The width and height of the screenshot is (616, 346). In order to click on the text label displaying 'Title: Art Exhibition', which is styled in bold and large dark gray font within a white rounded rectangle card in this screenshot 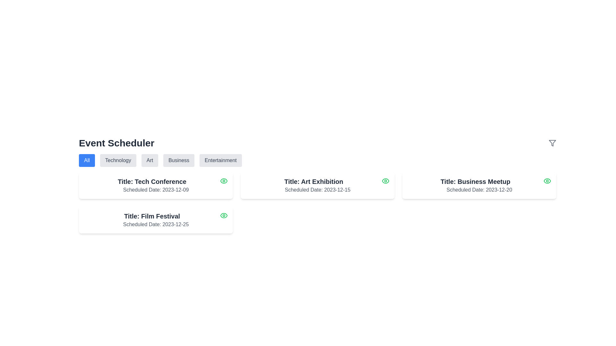, I will do `click(317, 182)`.